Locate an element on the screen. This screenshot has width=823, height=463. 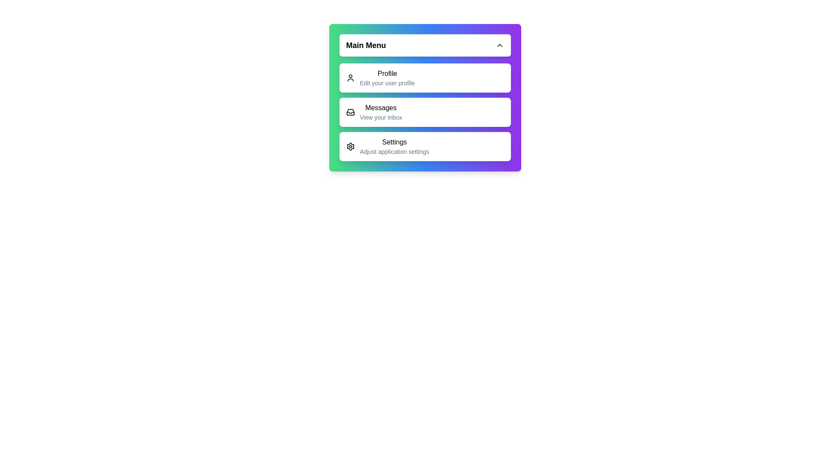
the menu item corresponding to Messages is located at coordinates (425, 112).